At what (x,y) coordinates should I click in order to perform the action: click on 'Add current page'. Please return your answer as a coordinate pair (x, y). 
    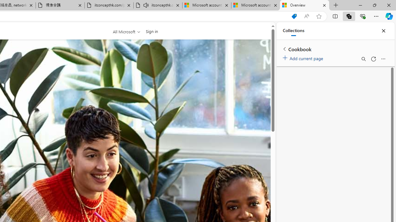
    Looking at the image, I should click on (304, 57).